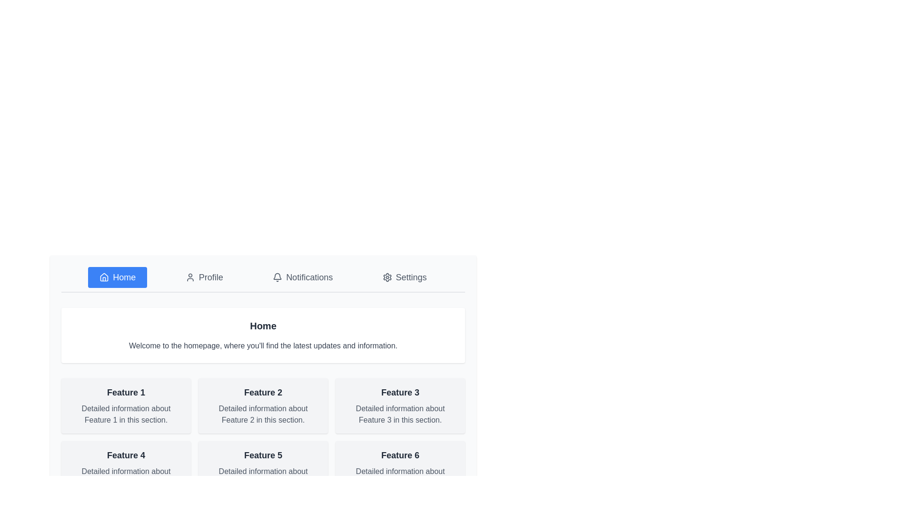  Describe the element at coordinates (309, 277) in the screenshot. I see `the 'Notifications' text label, which is styled in a sans-serif font and located next to a bell icon in the navigation bar at the top of the interface` at that location.